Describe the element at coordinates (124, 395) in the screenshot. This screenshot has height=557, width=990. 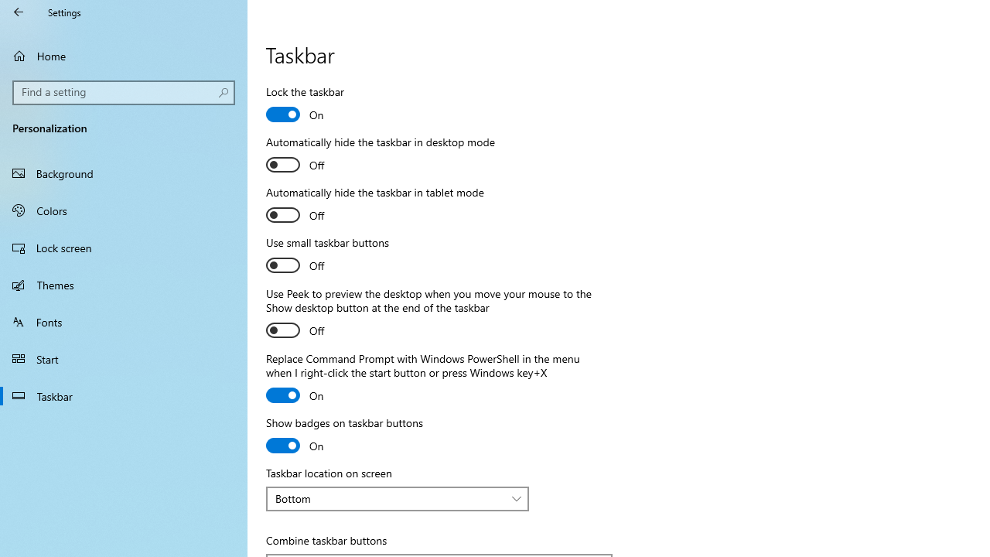
I see `'Taskbar'` at that location.